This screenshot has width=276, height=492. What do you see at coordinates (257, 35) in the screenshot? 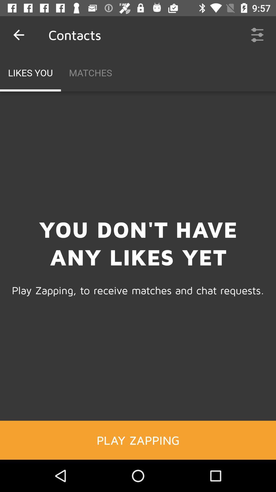
I see `the icon at the top right corner` at bounding box center [257, 35].